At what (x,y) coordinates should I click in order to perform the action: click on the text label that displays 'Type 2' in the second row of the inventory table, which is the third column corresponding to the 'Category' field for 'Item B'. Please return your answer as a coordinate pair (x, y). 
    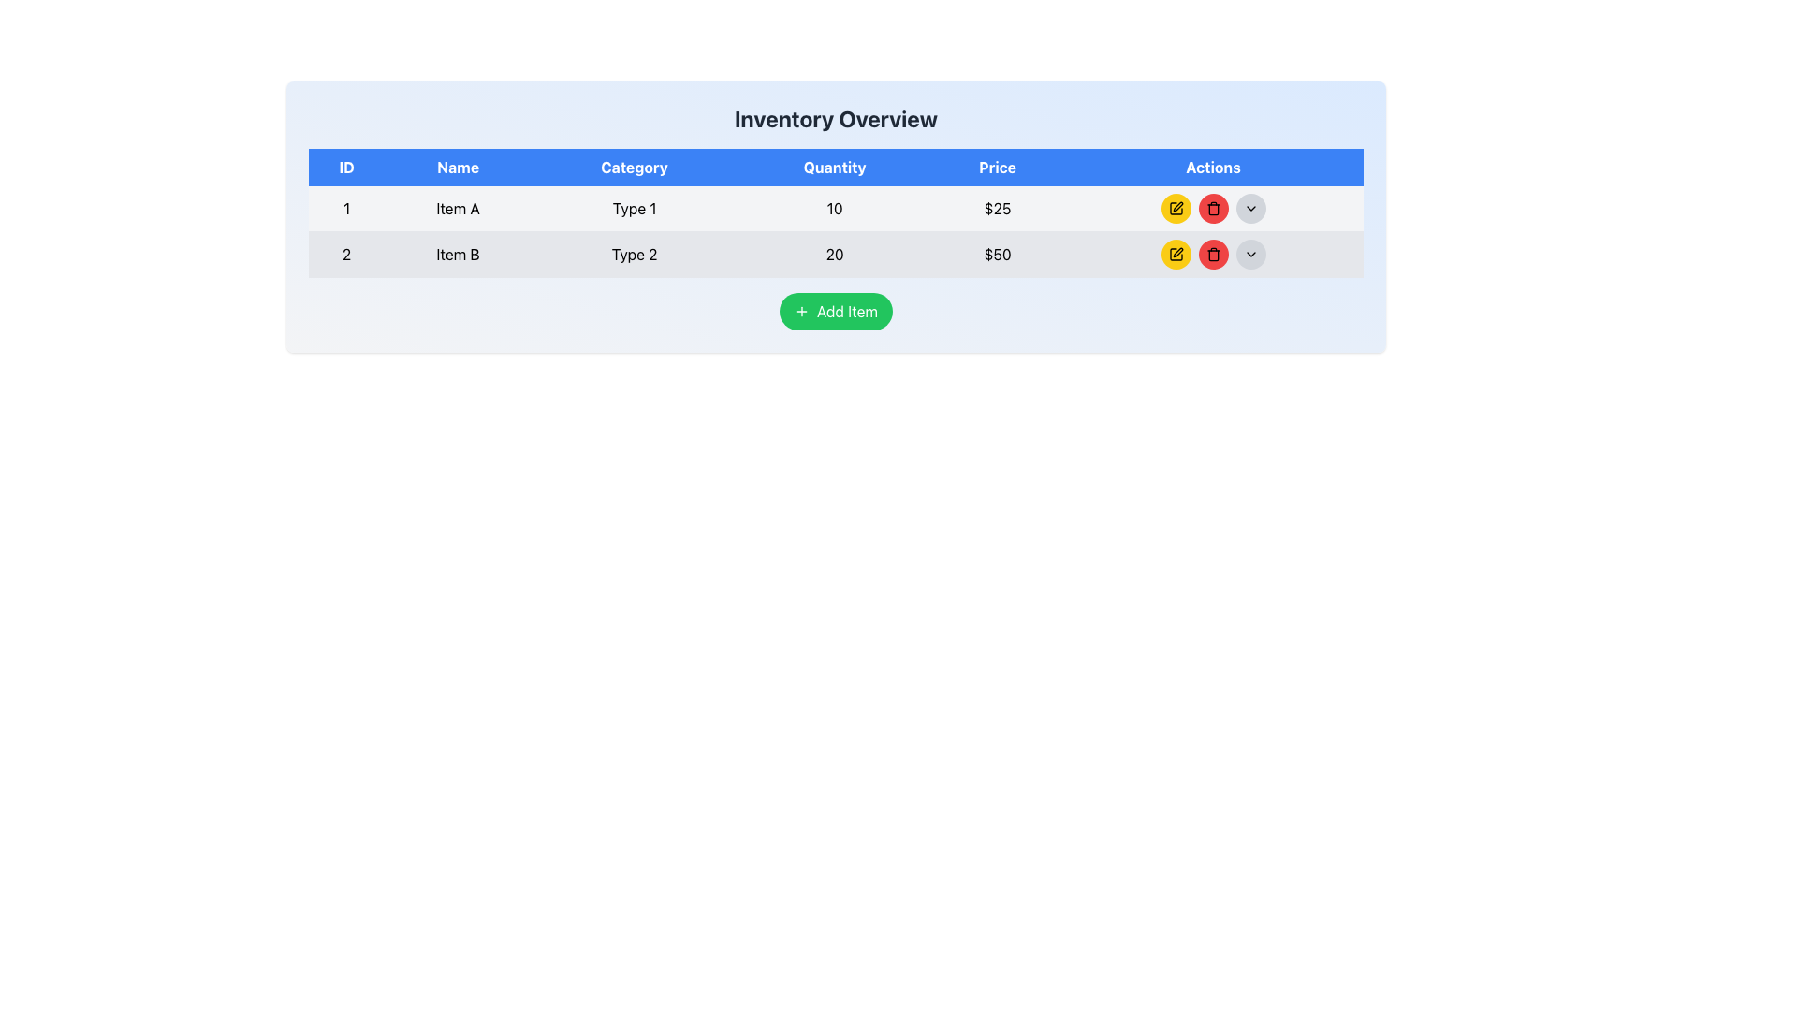
    Looking at the image, I should click on (635, 255).